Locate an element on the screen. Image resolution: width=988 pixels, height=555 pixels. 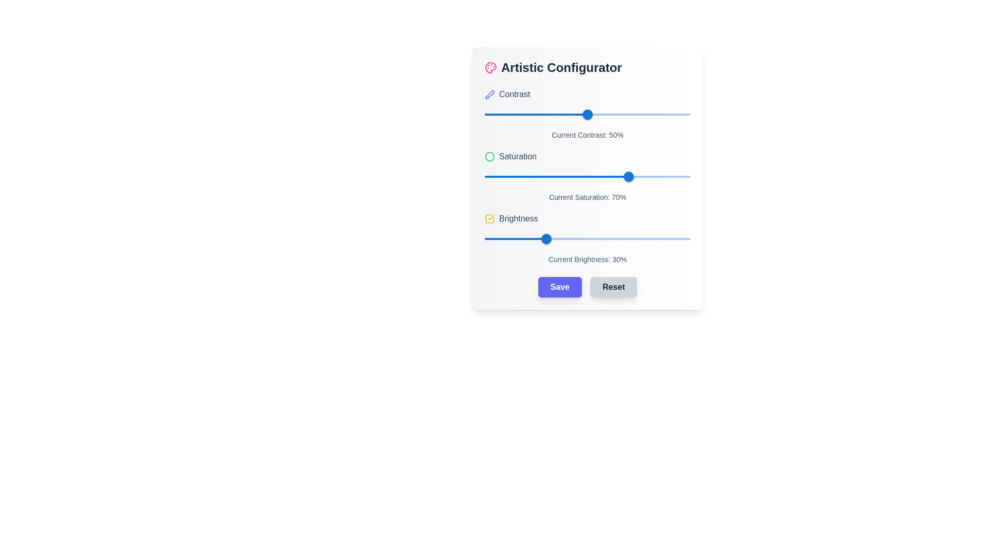
the Checkbox icon is located at coordinates (489, 218).